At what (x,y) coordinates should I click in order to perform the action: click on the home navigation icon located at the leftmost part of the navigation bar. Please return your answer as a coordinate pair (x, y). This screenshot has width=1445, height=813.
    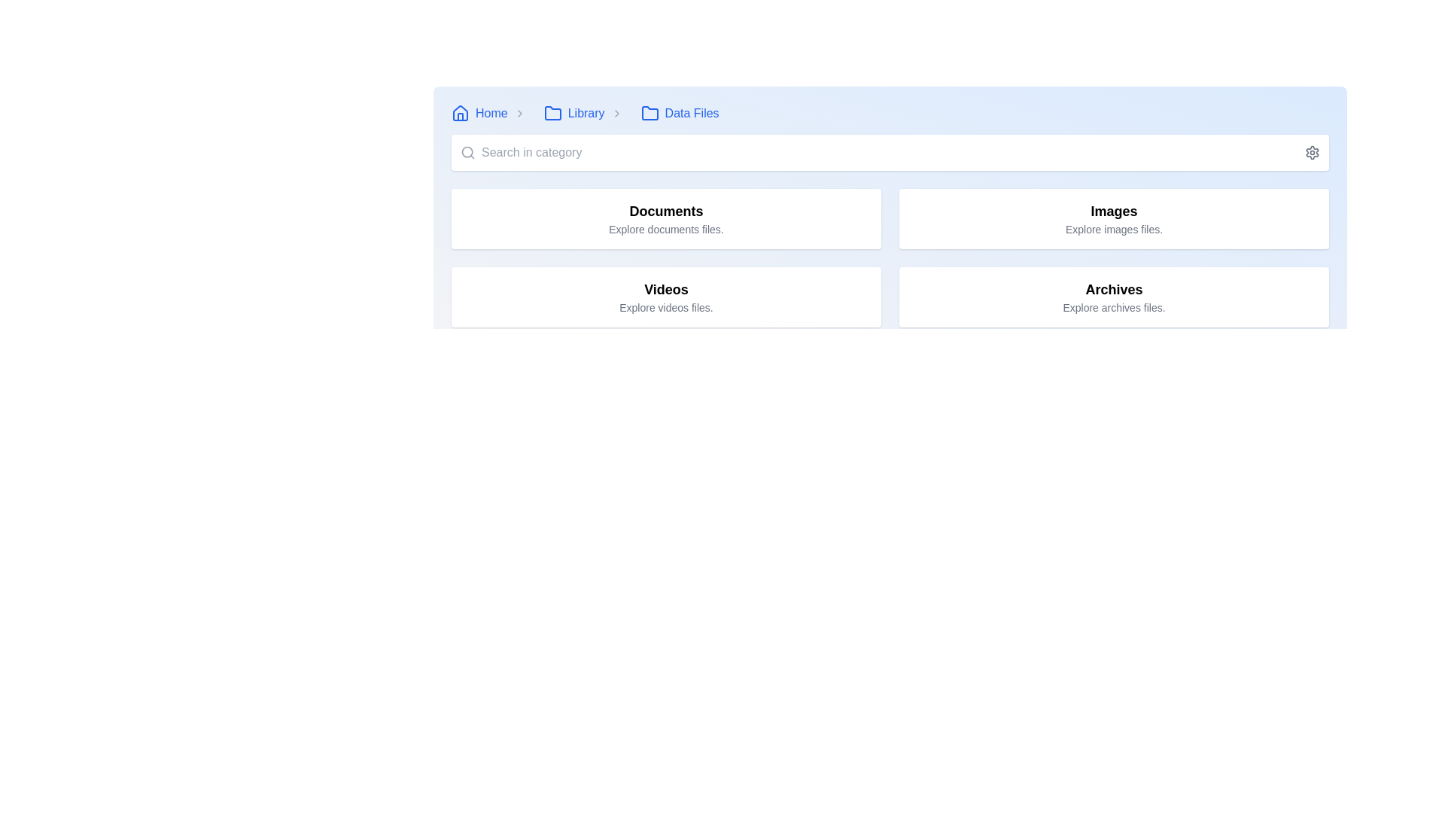
    Looking at the image, I should click on (459, 112).